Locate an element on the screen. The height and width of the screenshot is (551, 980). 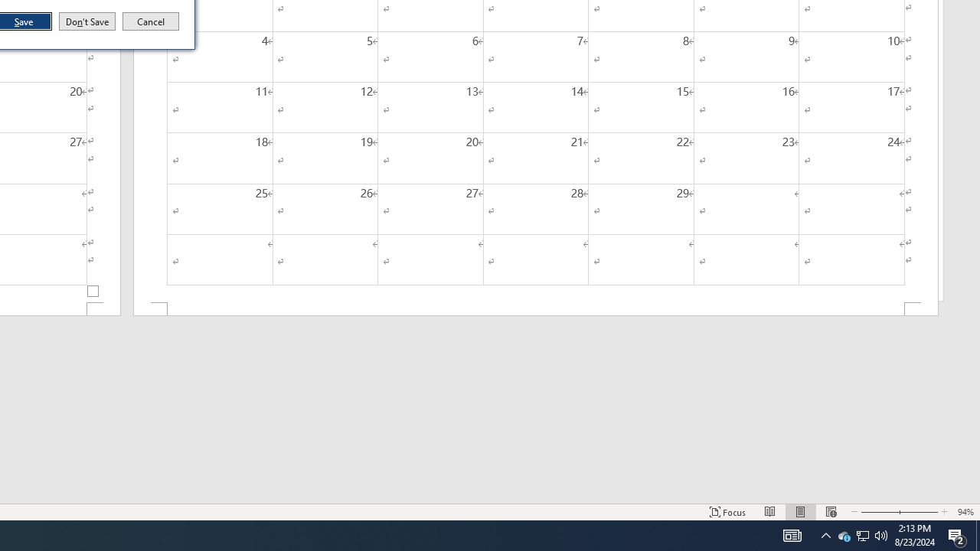
'User Promoted Notification Area' is located at coordinates (863, 534).